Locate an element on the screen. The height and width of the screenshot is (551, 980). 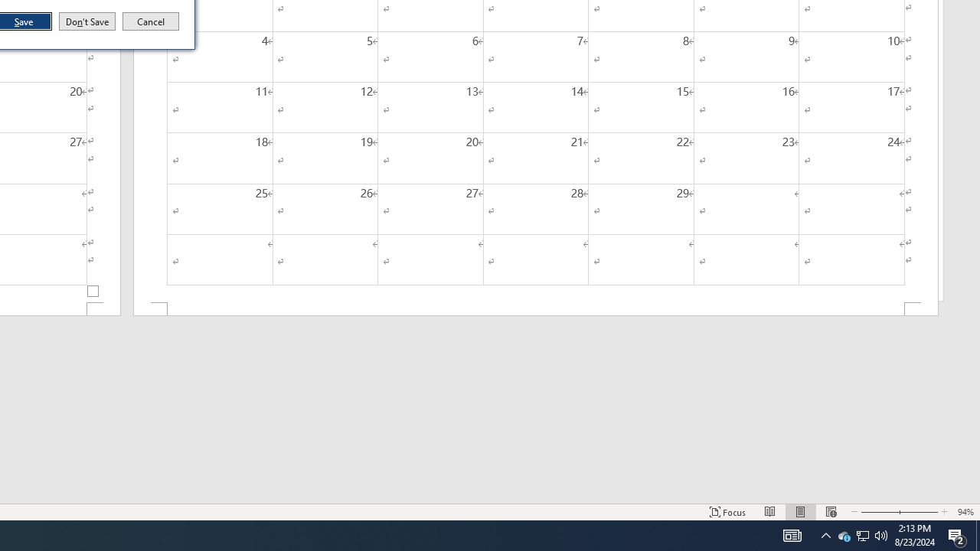
'User Promoted Notification Area' is located at coordinates (863, 534).